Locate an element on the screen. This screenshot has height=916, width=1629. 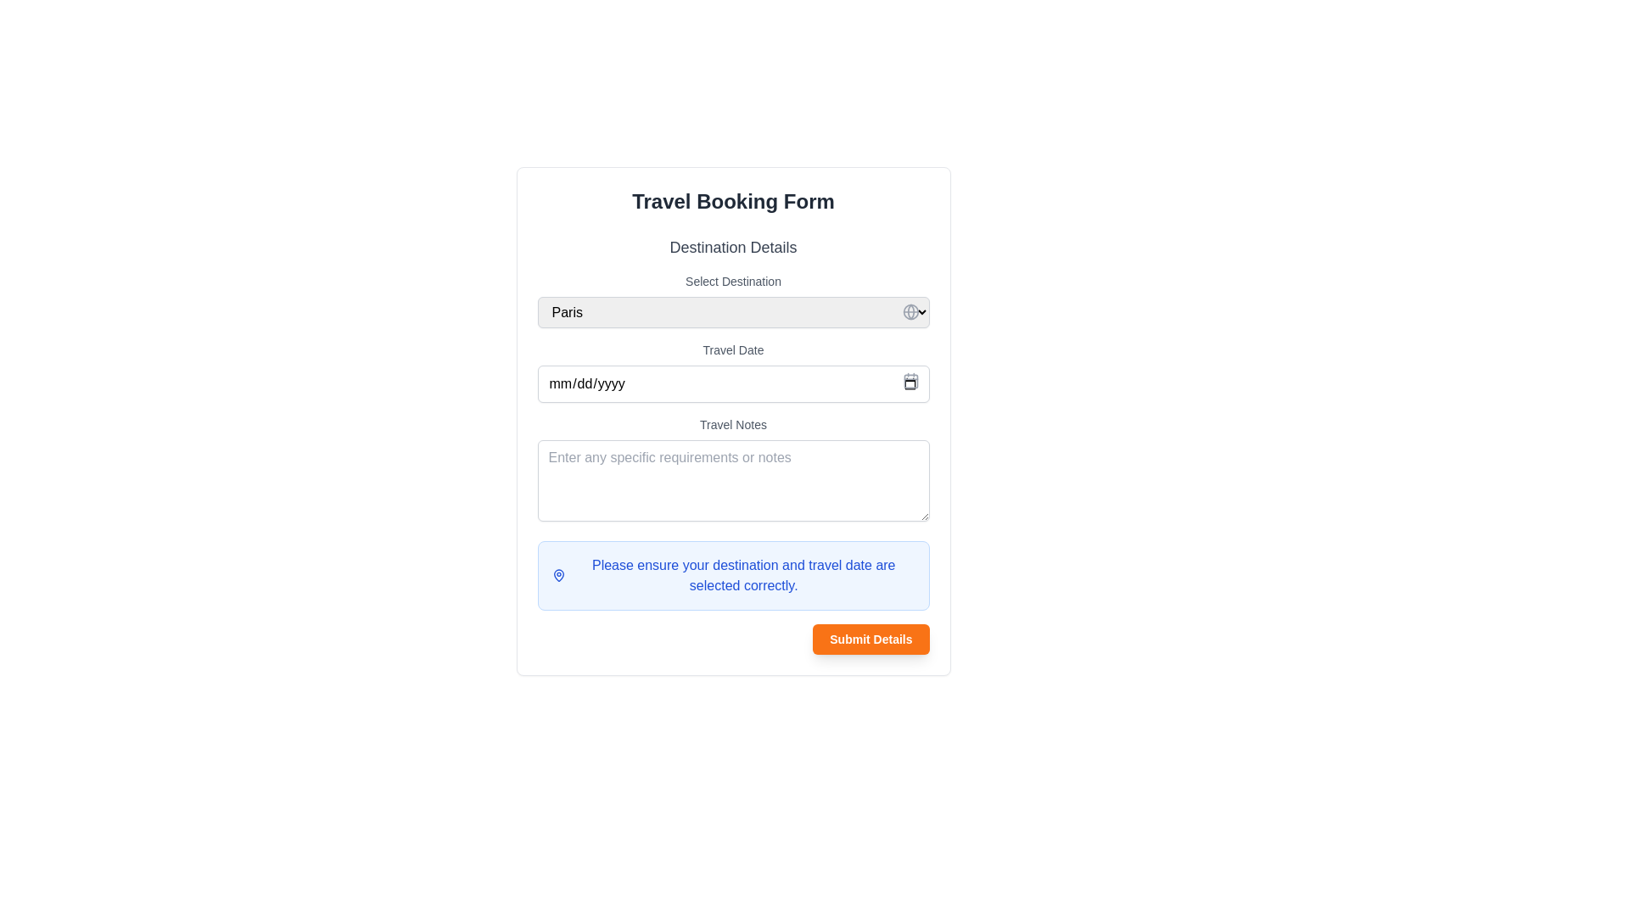
the pin icon within the blue informational text block situated below the 'Travel Notes' field is located at coordinates (733, 574).